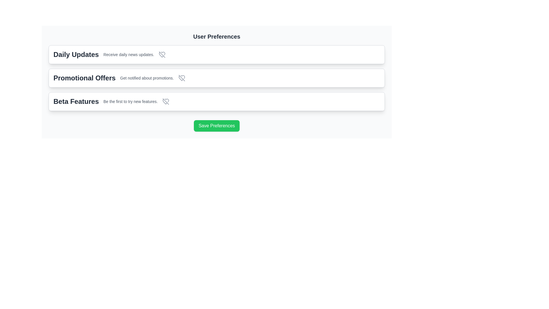 The image size is (549, 309). What do you see at coordinates (216, 125) in the screenshot?
I see `the distinct green save button located below the preference options to observe its color change effect` at bounding box center [216, 125].